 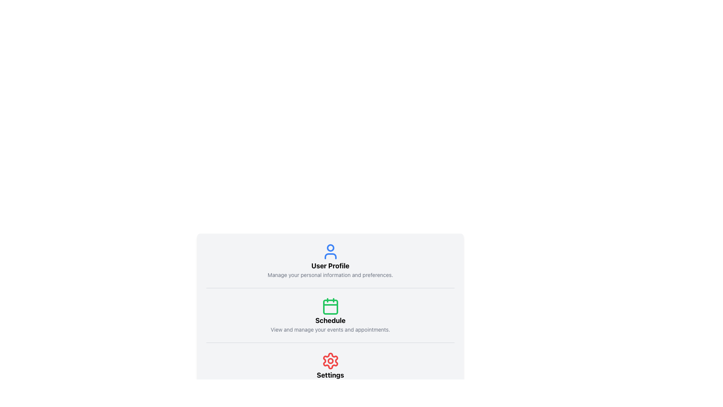 What do you see at coordinates (330, 329) in the screenshot?
I see `the static text label that describes the 'Schedule' section, located under the calendar icon` at bounding box center [330, 329].